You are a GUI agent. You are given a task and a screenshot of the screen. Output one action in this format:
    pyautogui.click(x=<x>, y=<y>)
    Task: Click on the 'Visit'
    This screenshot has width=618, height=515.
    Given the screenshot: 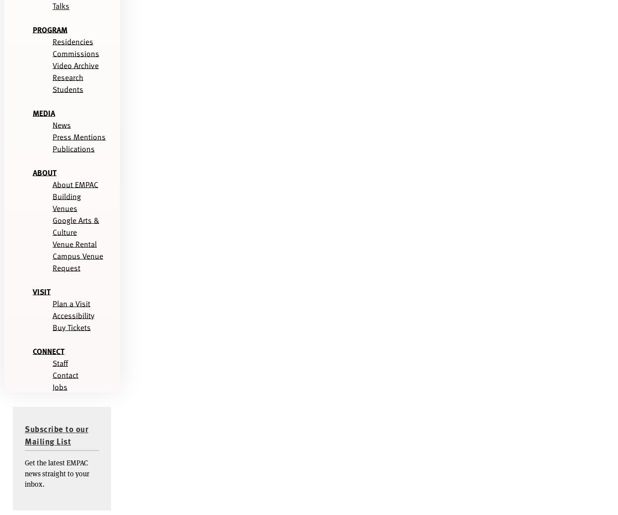 What is the action you would take?
    pyautogui.click(x=41, y=290)
    